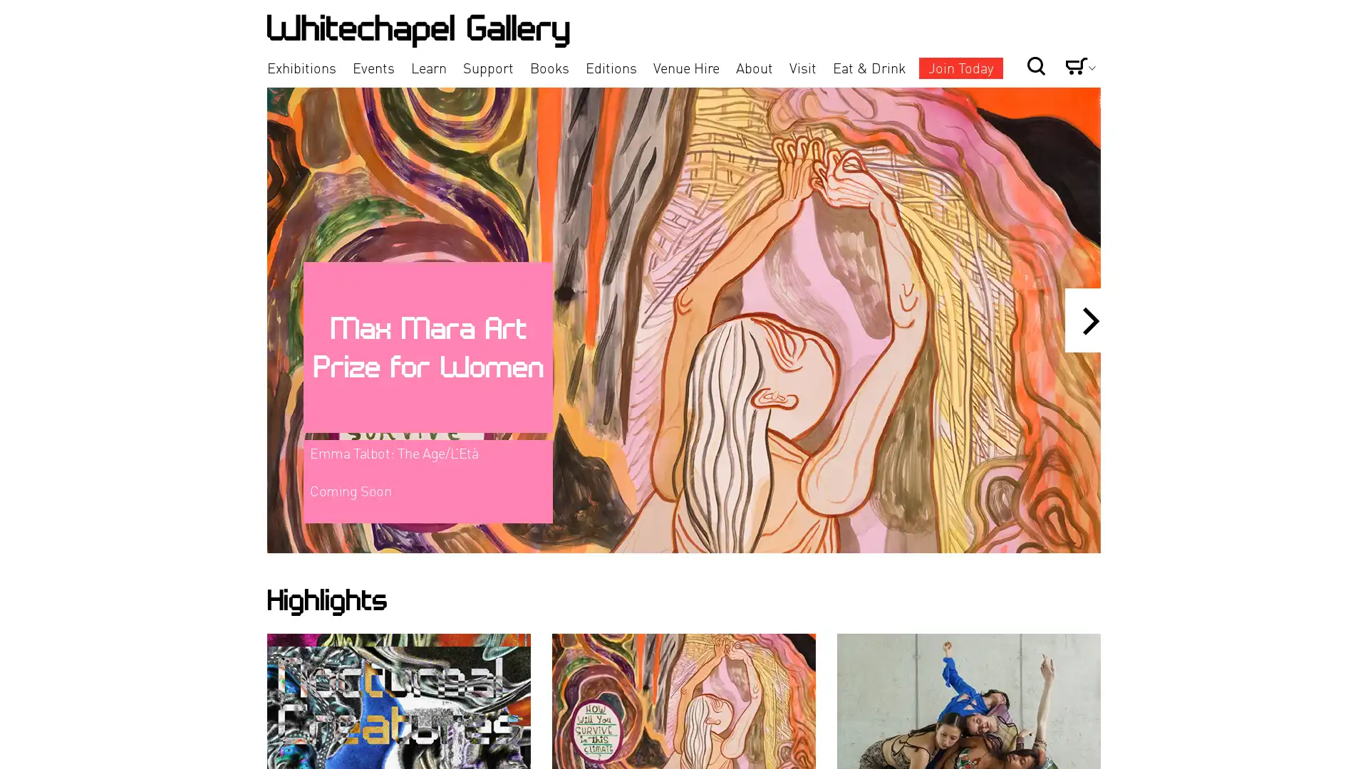 The image size is (1368, 769). I want to click on Go, so click(988, 41).